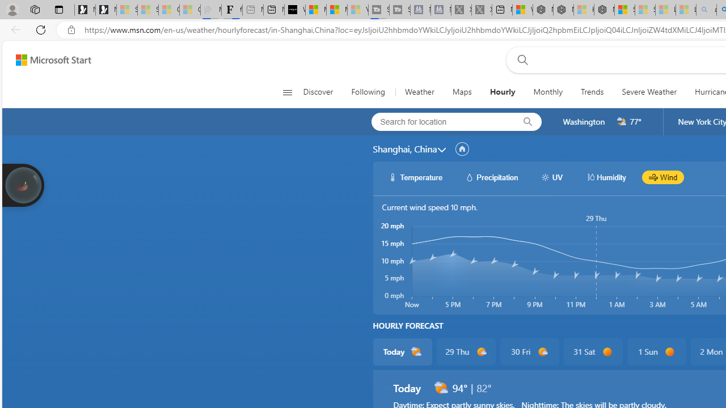 Image resolution: width=726 pixels, height=408 pixels. Describe the element at coordinates (105, 10) in the screenshot. I see `'Newsletter Sign Up'` at that location.